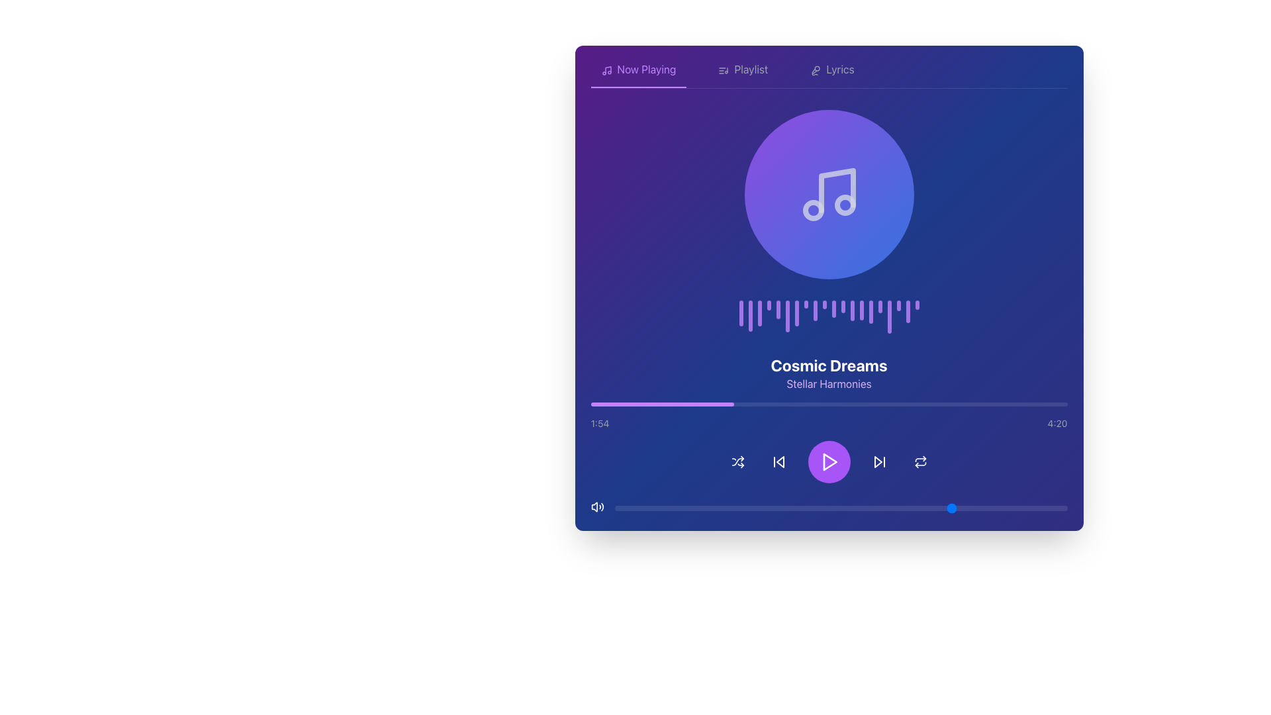  Describe the element at coordinates (638, 74) in the screenshot. I see `the 'Now Playing' navigation tab located at the top-left corner of the music player interface` at that location.